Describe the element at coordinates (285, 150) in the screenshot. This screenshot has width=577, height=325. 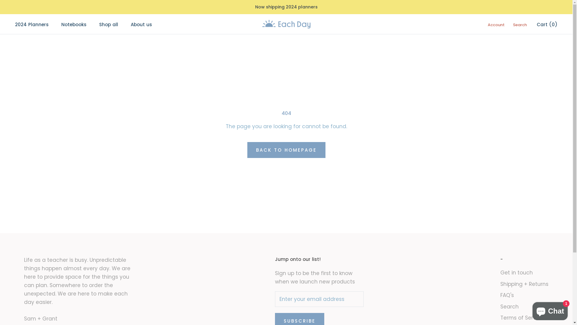
I see `'BACK TO HOMEPAGE'` at that location.